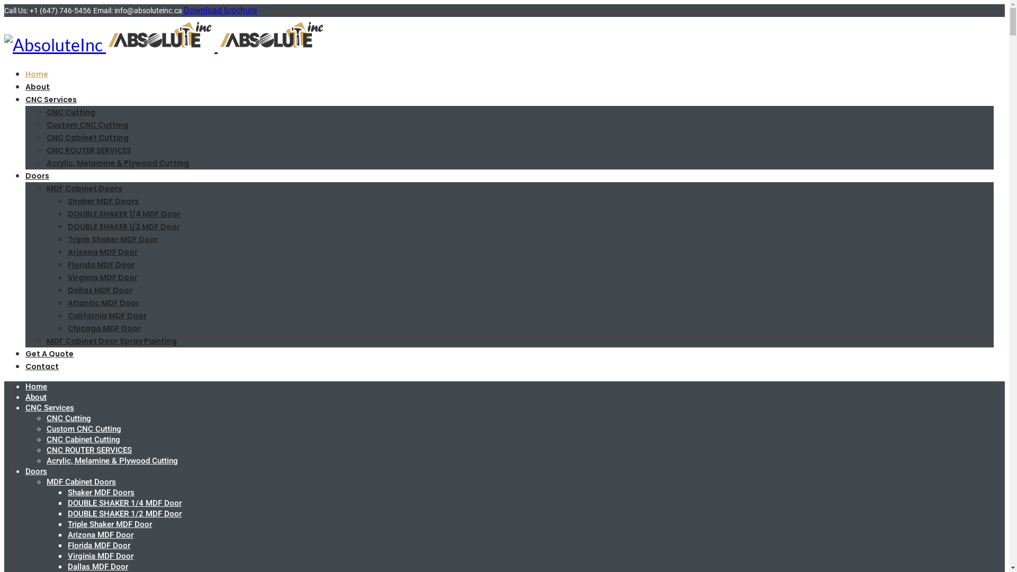 This screenshot has height=572, width=1017. Describe the element at coordinates (38, 86) in the screenshot. I see `'About'` at that location.